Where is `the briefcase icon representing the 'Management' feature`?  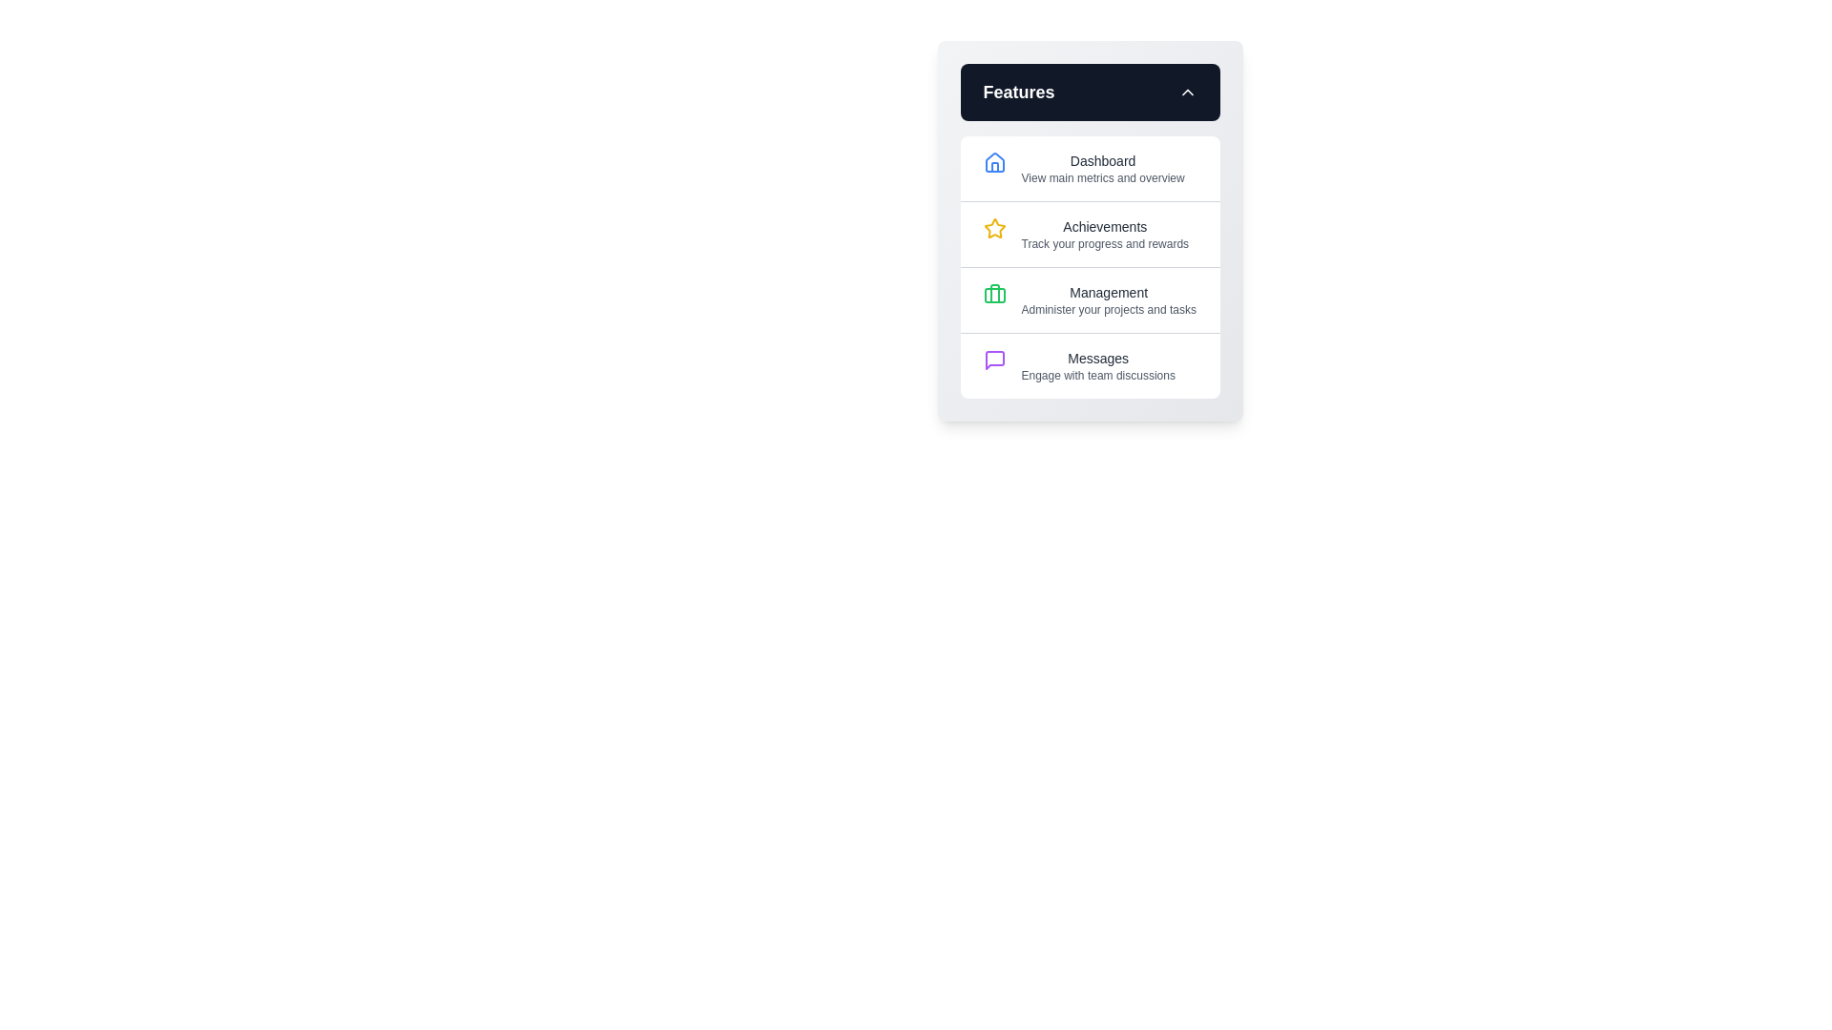
the briefcase icon representing the 'Management' feature is located at coordinates (993, 294).